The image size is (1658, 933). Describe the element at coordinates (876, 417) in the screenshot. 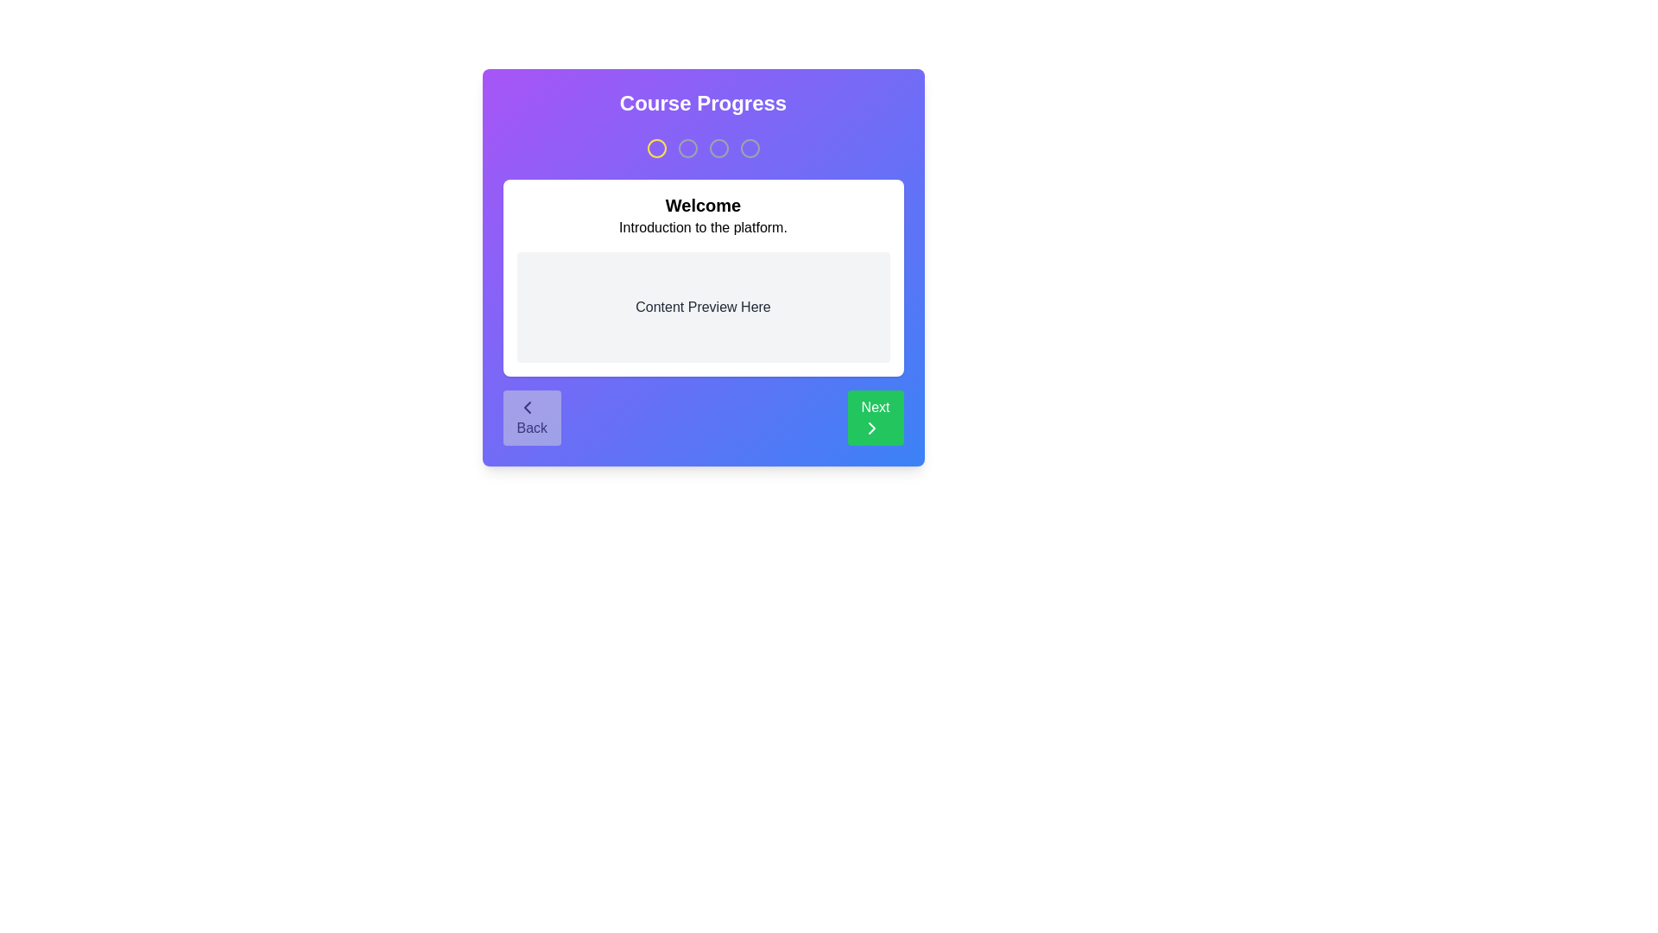

I see `the Next button to navigate` at that location.